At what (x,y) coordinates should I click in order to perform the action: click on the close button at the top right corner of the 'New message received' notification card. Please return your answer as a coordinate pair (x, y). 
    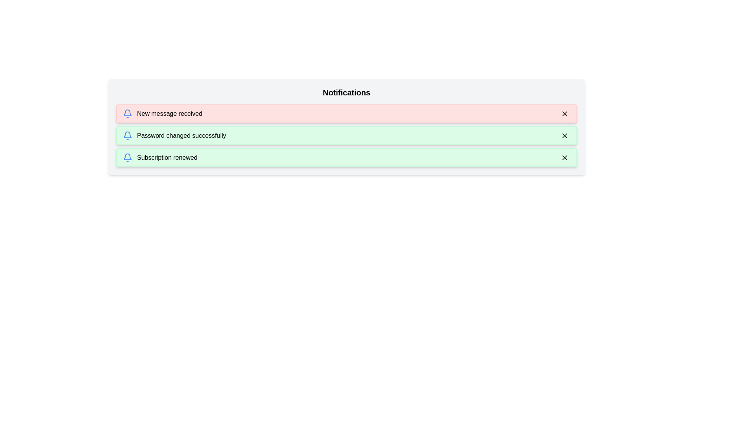
    Looking at the image, I should click on (564, 113).